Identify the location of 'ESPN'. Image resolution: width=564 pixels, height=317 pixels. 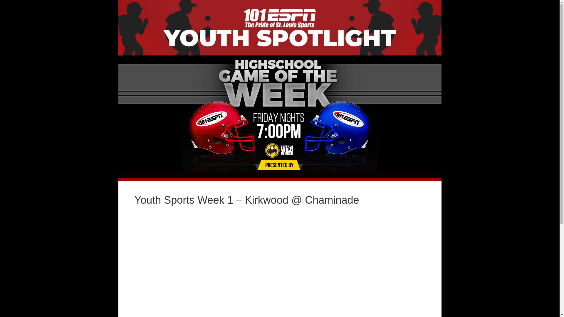
(279, 18).